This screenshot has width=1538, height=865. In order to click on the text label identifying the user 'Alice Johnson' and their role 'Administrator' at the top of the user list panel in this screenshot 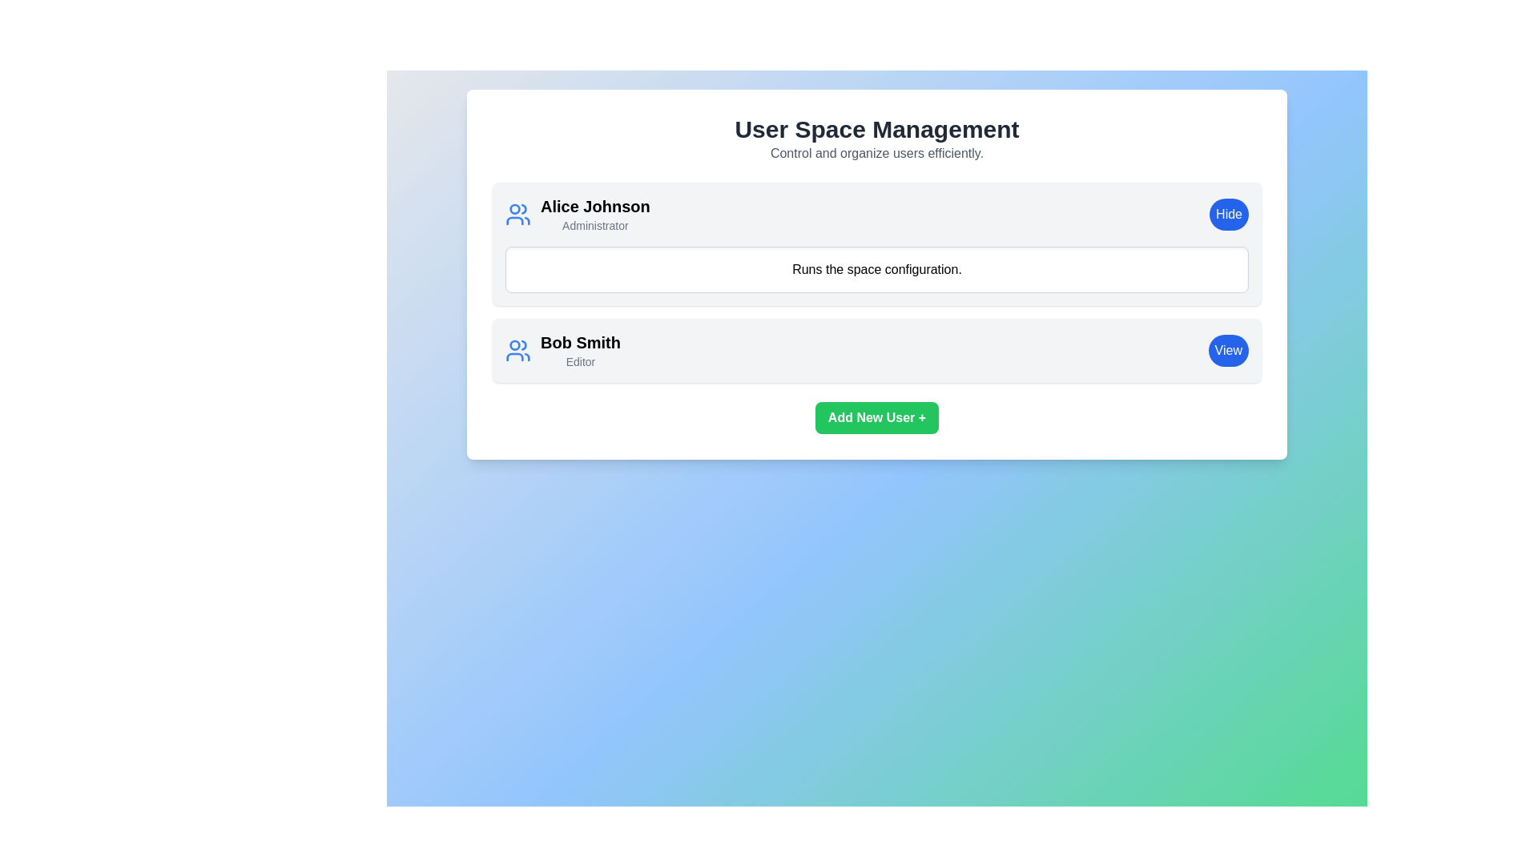, I will do `click(594, 213)`.